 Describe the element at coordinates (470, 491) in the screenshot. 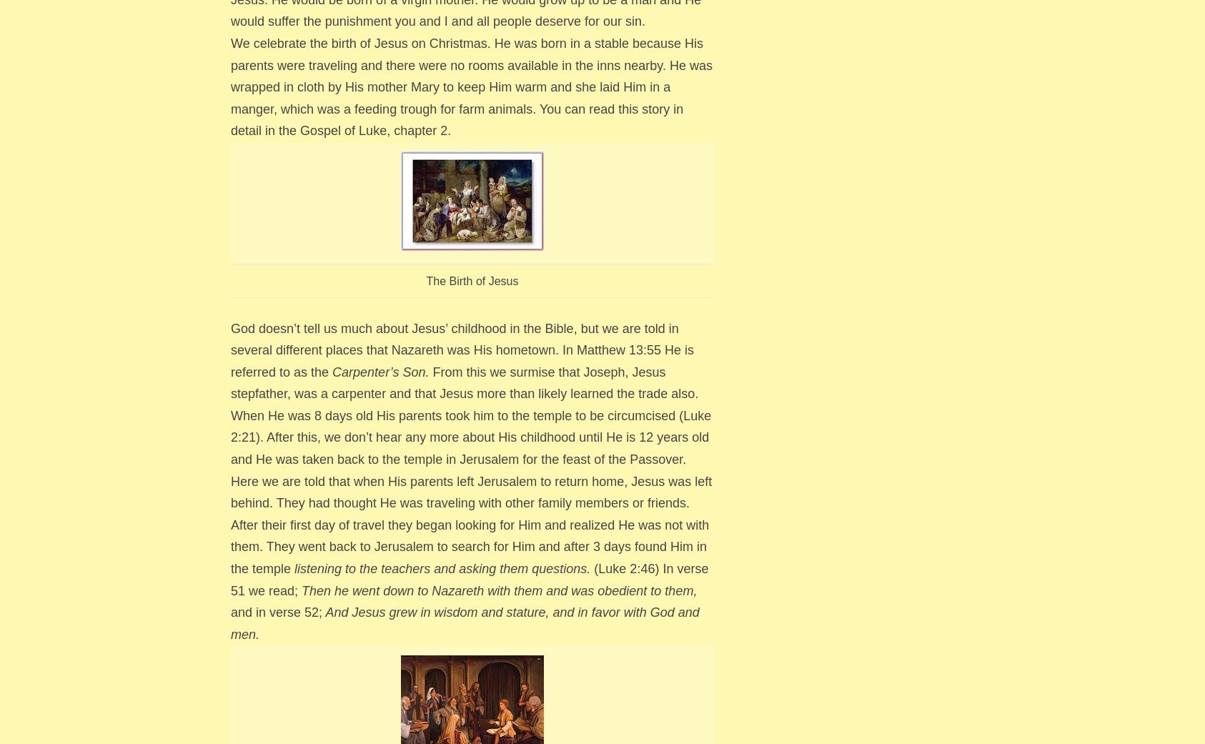

I see `'When He was 8 days old His parents took him to the temple to be circumcised (Luke 2:21). After this, we don’t hear any more about His childhood until He is 12 years old and He was taken back to the temple in Jerusalem for the feast of the Passover. Here we are told that when His parents left Jerusalem to return home, Jesus was left behind. They had thought He was traveling with other family members or friends. After their first day of travel they began looking for Him and realized He was not with them. They went back to Jerusalem to search for Him and after 3 days found Him in the temple'` at that location.